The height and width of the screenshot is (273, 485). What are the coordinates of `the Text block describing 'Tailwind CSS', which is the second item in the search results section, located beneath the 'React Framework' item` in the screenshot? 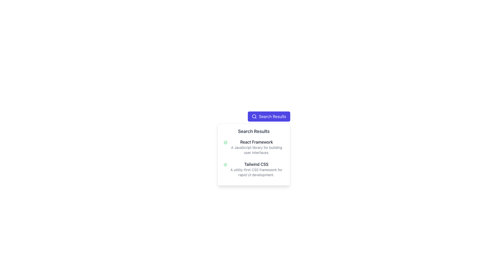 It's located at (256, 169).